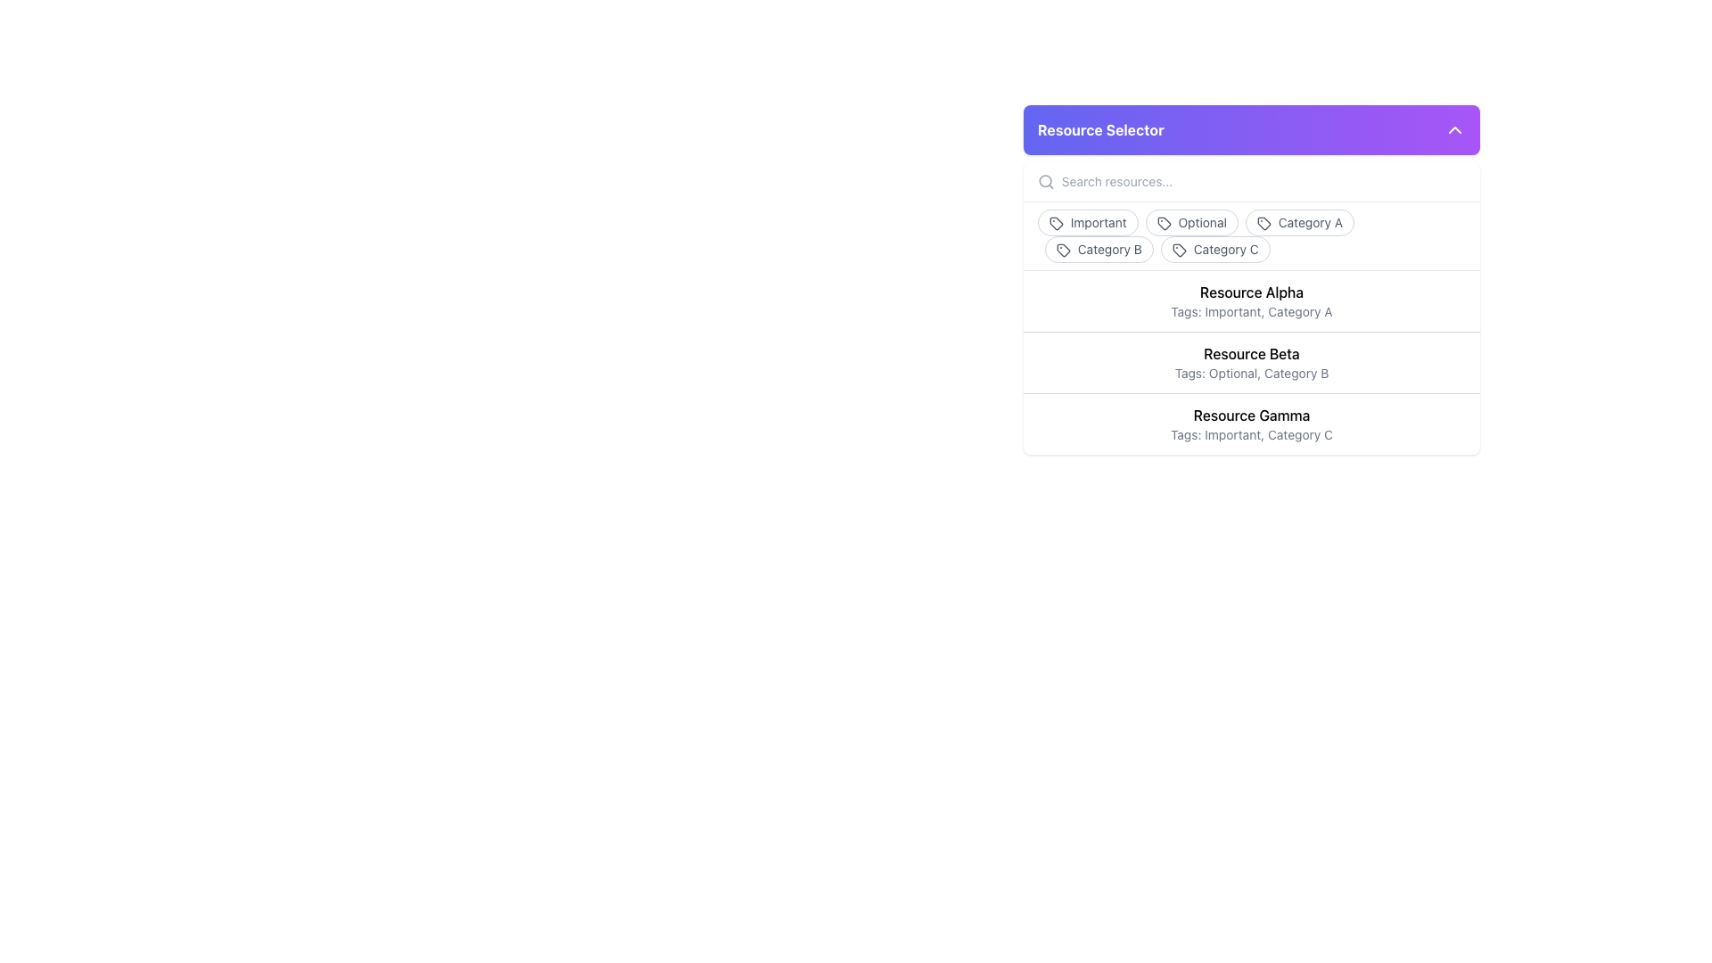 The height and width of the screenshot is (963, 1712). I want to click on the text label providing descriptive tags for 'Resource Alpha', located below its title in the list, so click(1250, 311).